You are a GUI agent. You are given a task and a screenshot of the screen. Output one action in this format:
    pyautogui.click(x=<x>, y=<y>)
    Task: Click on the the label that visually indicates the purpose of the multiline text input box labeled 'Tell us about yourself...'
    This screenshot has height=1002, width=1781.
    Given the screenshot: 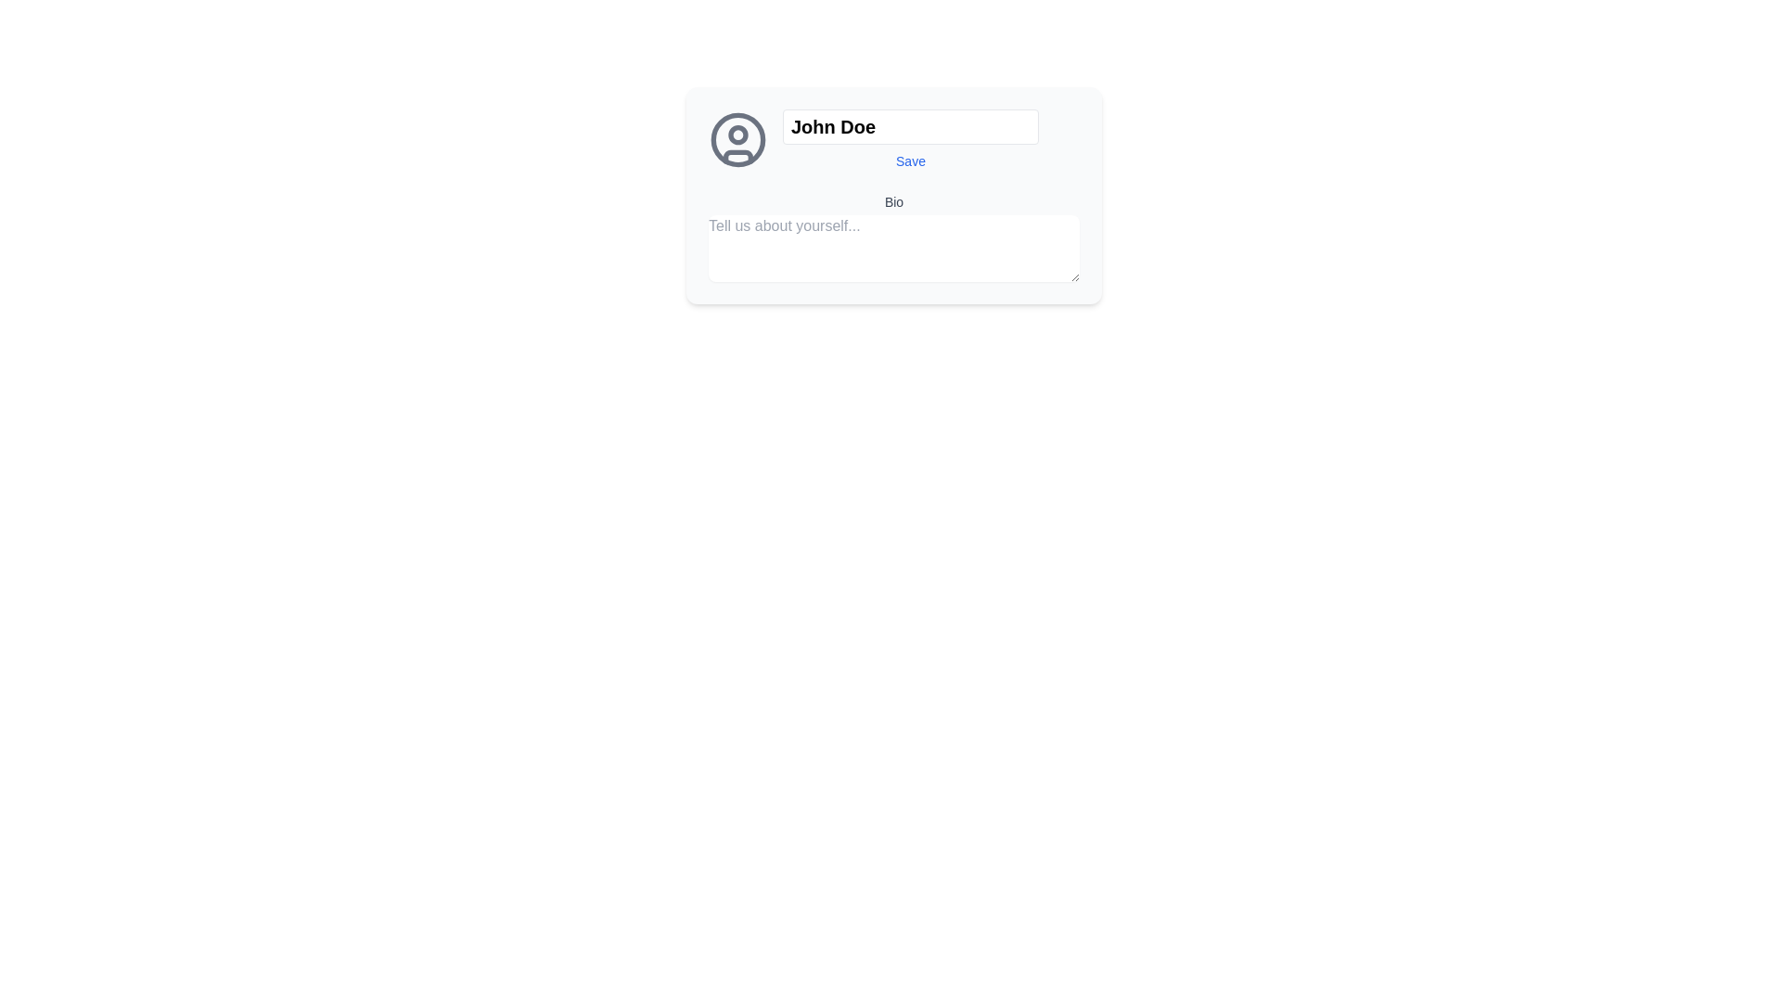 What is the action you would take?
    pyautogui.click(x=894, y=202)
    